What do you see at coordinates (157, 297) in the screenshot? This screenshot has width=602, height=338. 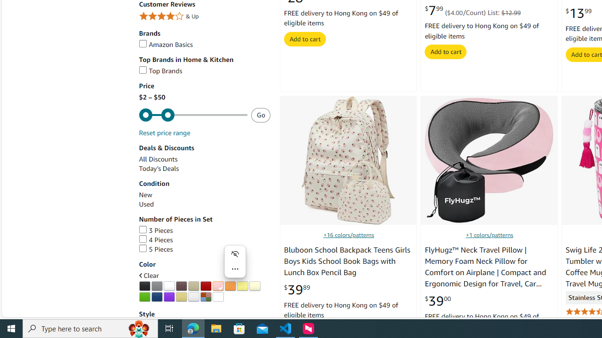 I see `'Blue'` at bounding box center [157, 297].